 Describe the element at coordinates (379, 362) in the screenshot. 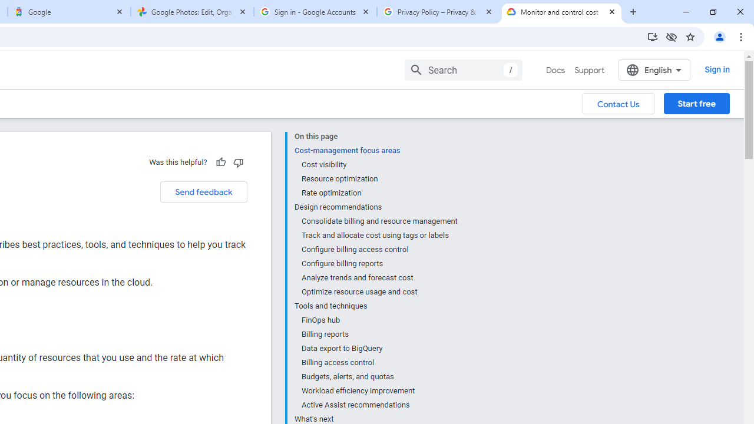

I see `'Billing access control'` at that location.